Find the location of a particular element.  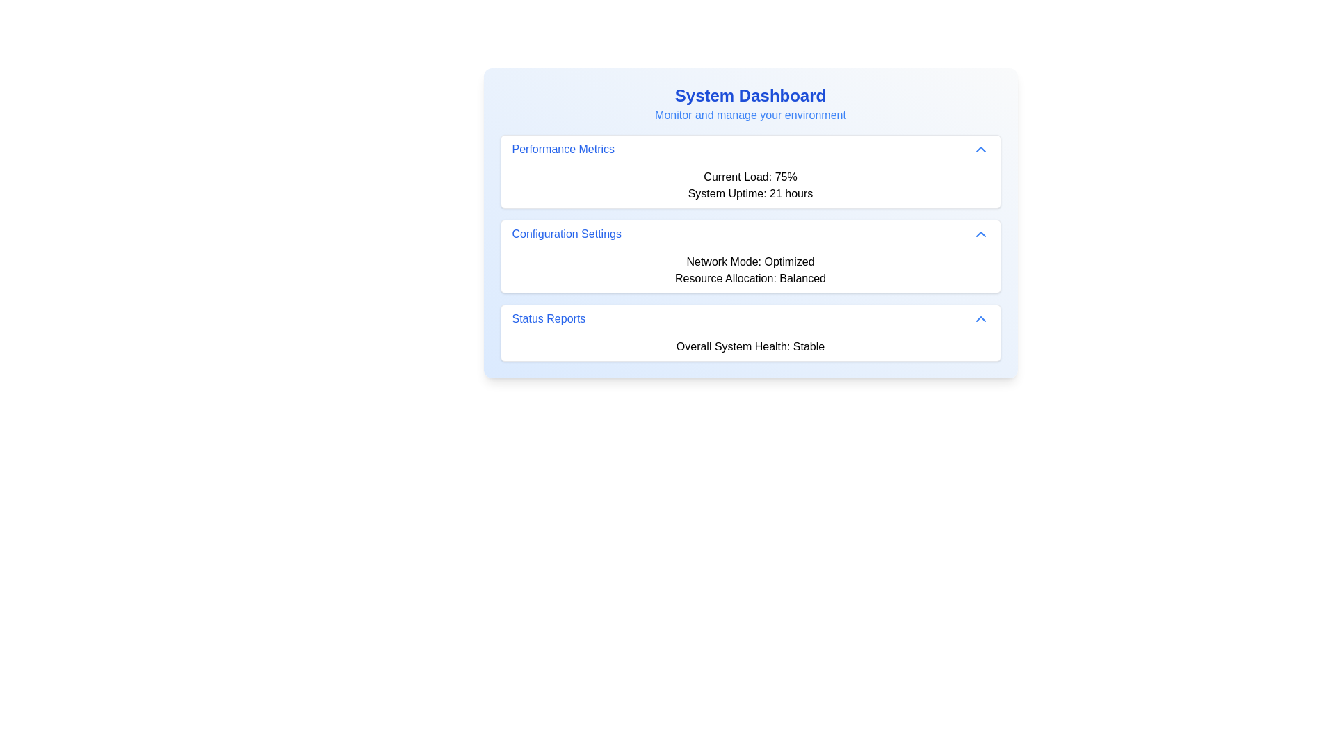

the Information Card that displays system performance metrics, which is located at the topmost section above the 'Configuration Settings' card is located at coordinates (750, 170).